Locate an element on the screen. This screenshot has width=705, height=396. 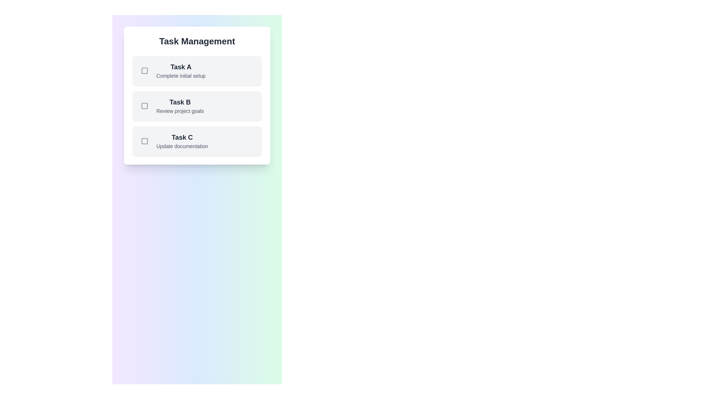
the center of the heading text labeled 'Task Management' is located at coordinates (197, 41).